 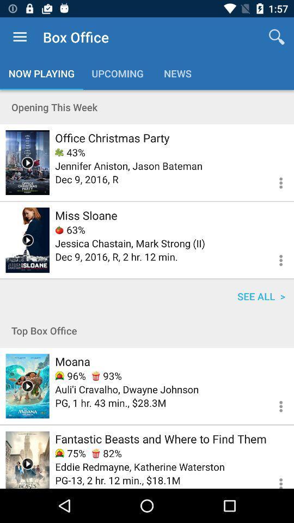 I want to click on options, so click(x=274, y=478).